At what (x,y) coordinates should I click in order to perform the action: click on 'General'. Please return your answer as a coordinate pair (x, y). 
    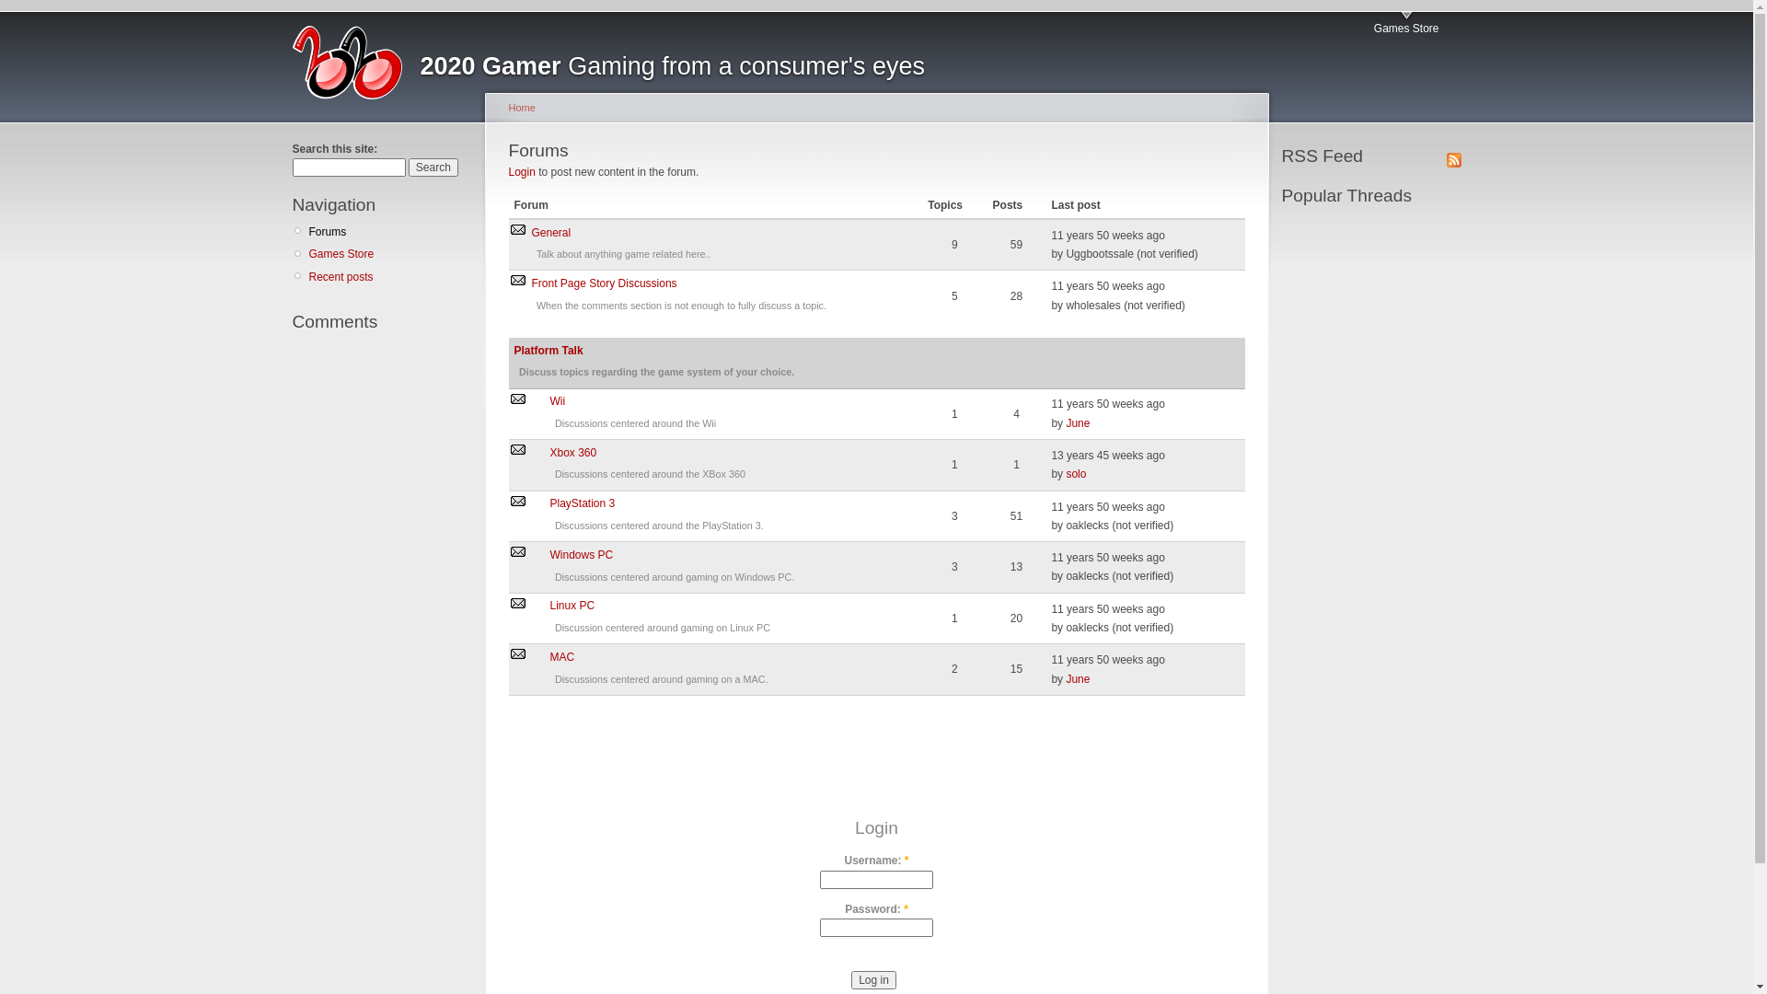
    Looking at the image, I should click on (550, 232).